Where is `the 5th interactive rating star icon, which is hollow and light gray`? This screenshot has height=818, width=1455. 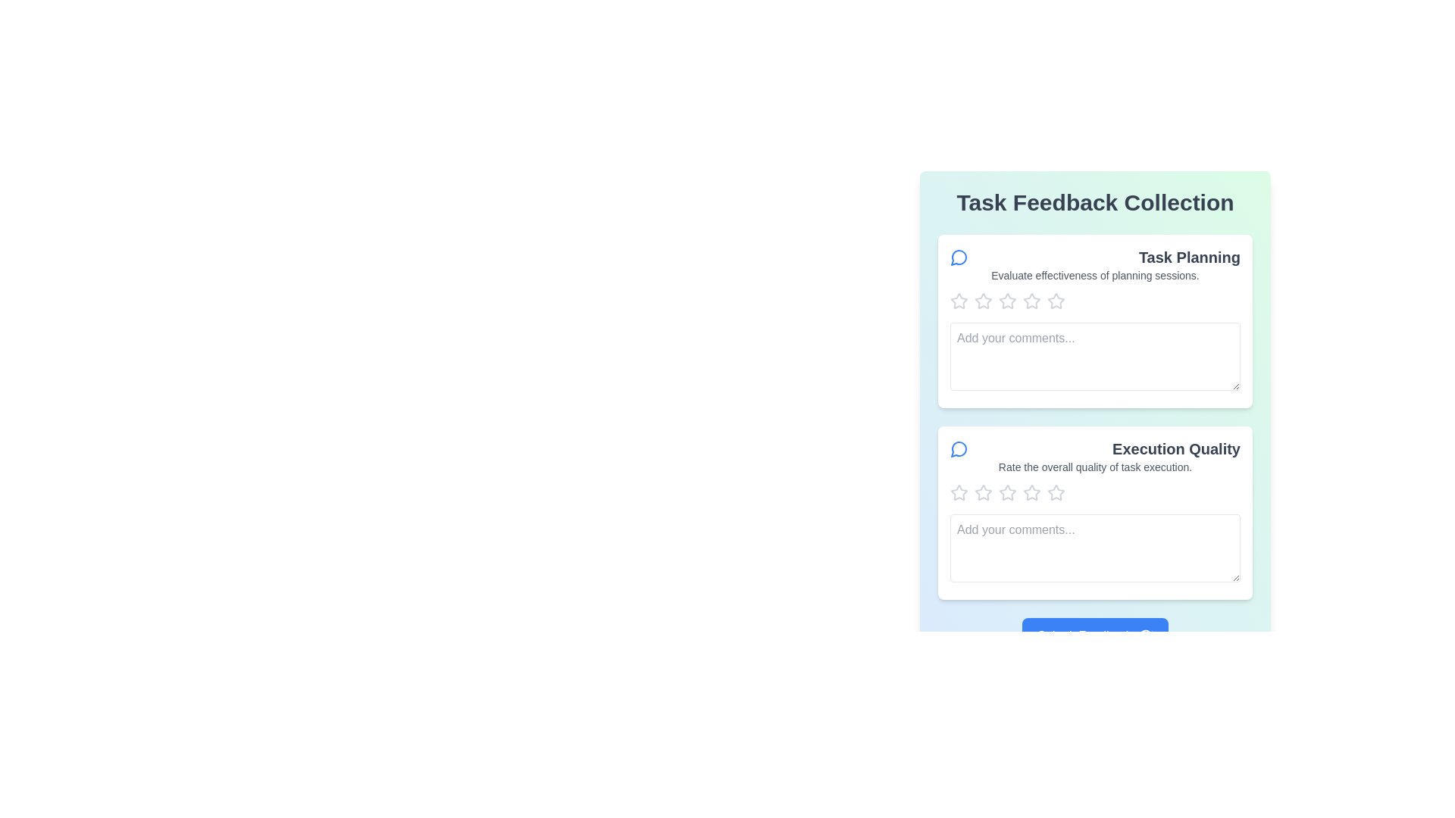 the 5th interactive rating star icon, which is hollow and light gray is located at coordinates (1031, 301).